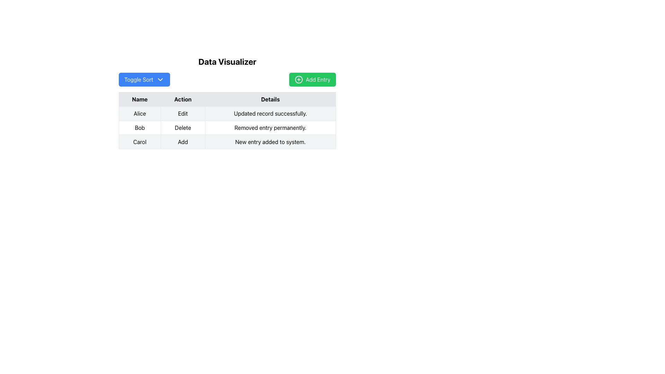 Image resolution: width=665 pixels, height=374 pixels. Describe the element at coordinates (144, 79) in the screenshot. I see `the rectangular button with a blue background and white text reading 'Toggle Sort'` at that location.